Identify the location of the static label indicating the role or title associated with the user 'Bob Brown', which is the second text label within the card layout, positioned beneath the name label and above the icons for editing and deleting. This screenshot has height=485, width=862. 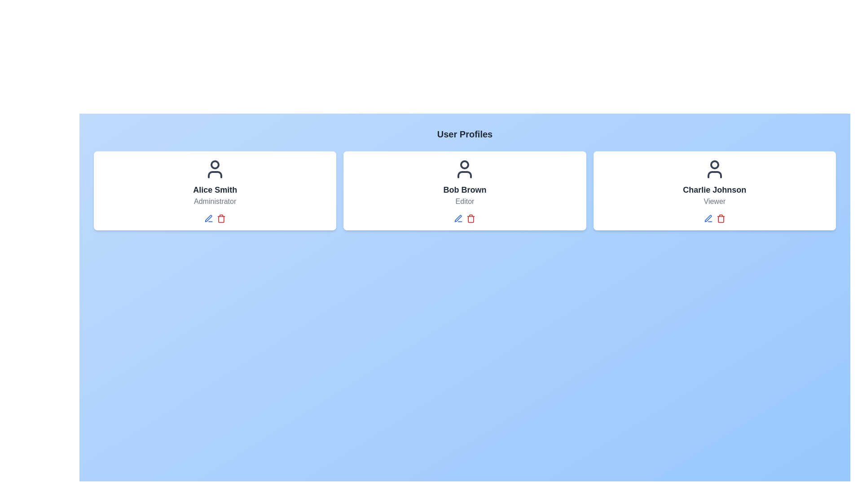
(465, 201).